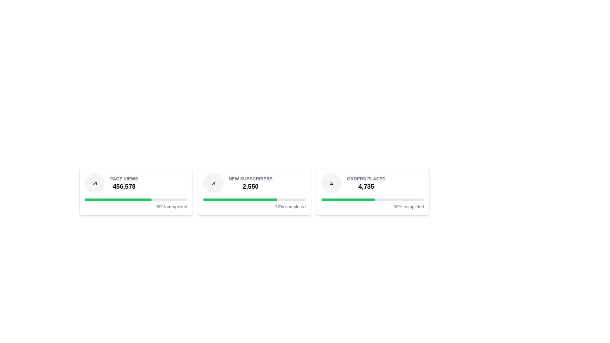 Image resolution: width=610 pixels, height=343 pixels. I want to click on the numeric text display element showing '2,550', located below the label 'New Subscribers' in the center panel of the card, so click(250, 186).